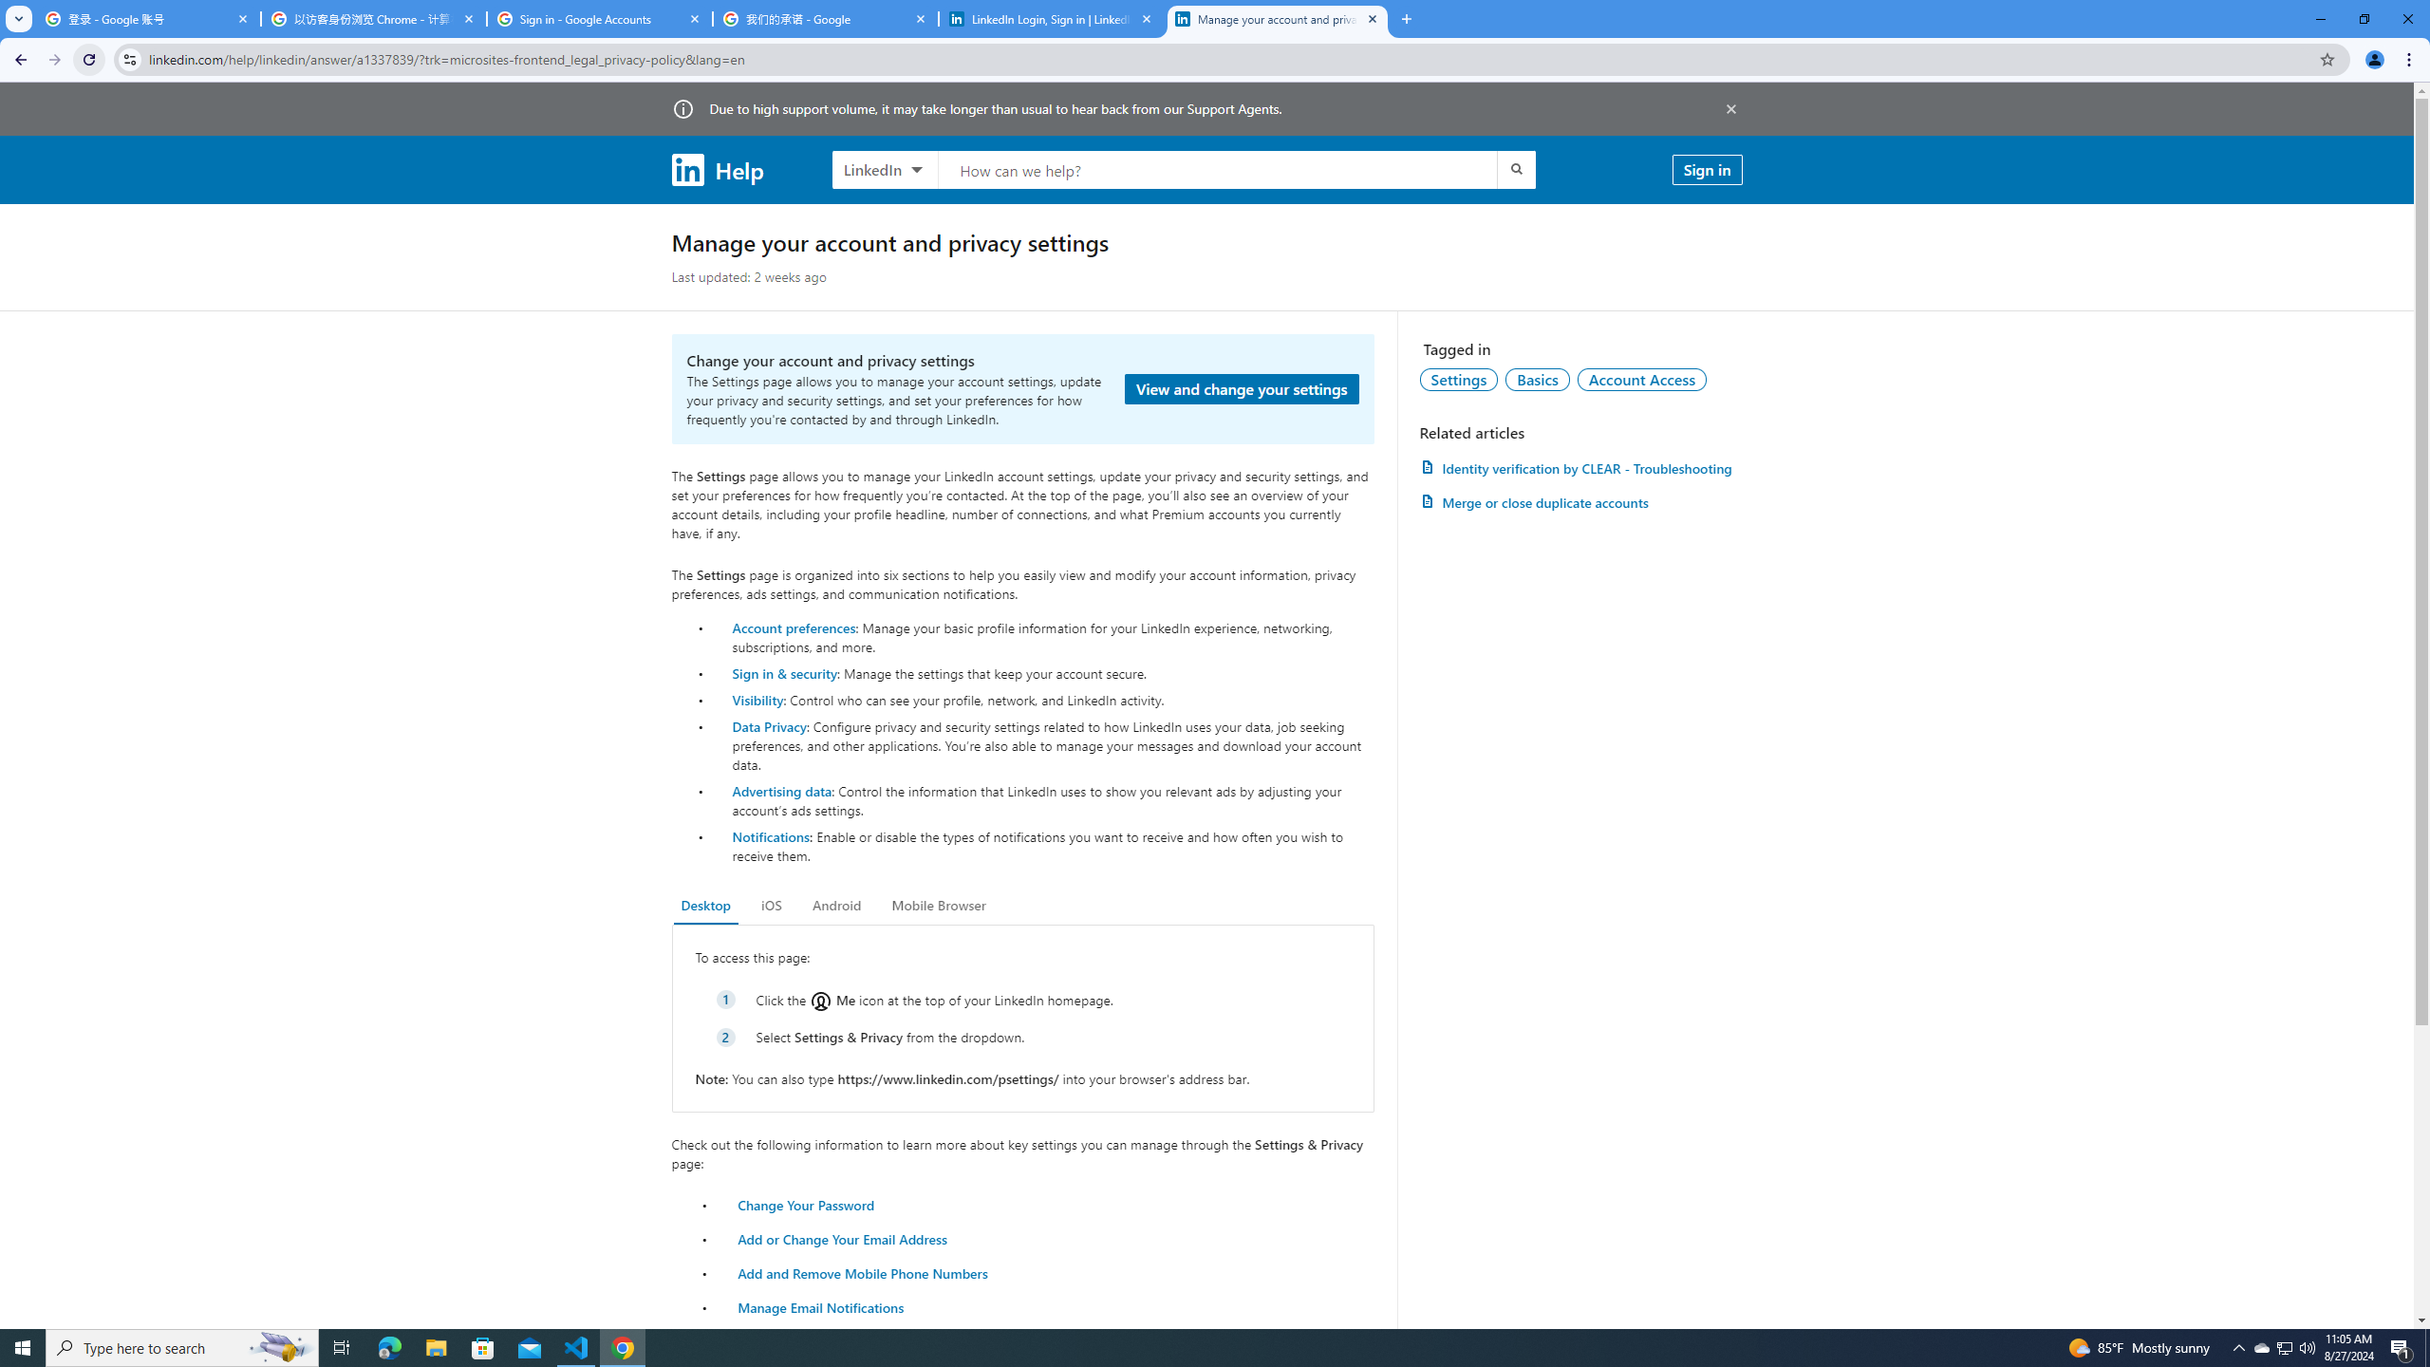 The width and height of the screenshot is (2430, 1367). What do you see at coordinates (1537, 378) in the screenshot?
I see `'Basics'` at bounding box center [1537, 378].